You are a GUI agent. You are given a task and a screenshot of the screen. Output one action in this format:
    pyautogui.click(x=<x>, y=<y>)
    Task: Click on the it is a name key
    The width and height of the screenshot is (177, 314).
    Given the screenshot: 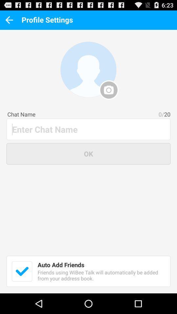 What is the action you would take?
    pyautogui.click(x=88, y=129)
    